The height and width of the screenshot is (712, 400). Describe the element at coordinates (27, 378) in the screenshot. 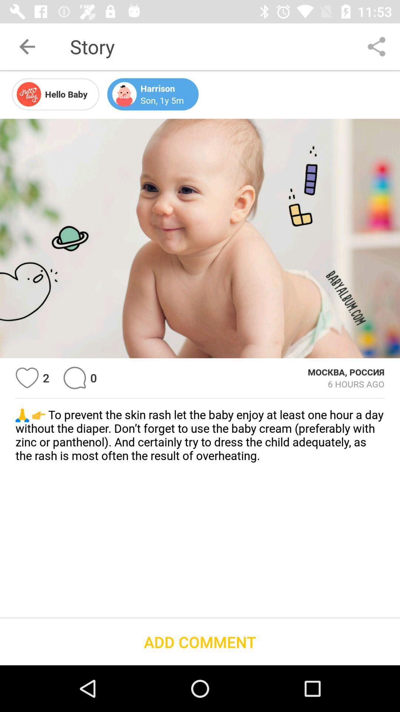

I see `like the post` at that location.